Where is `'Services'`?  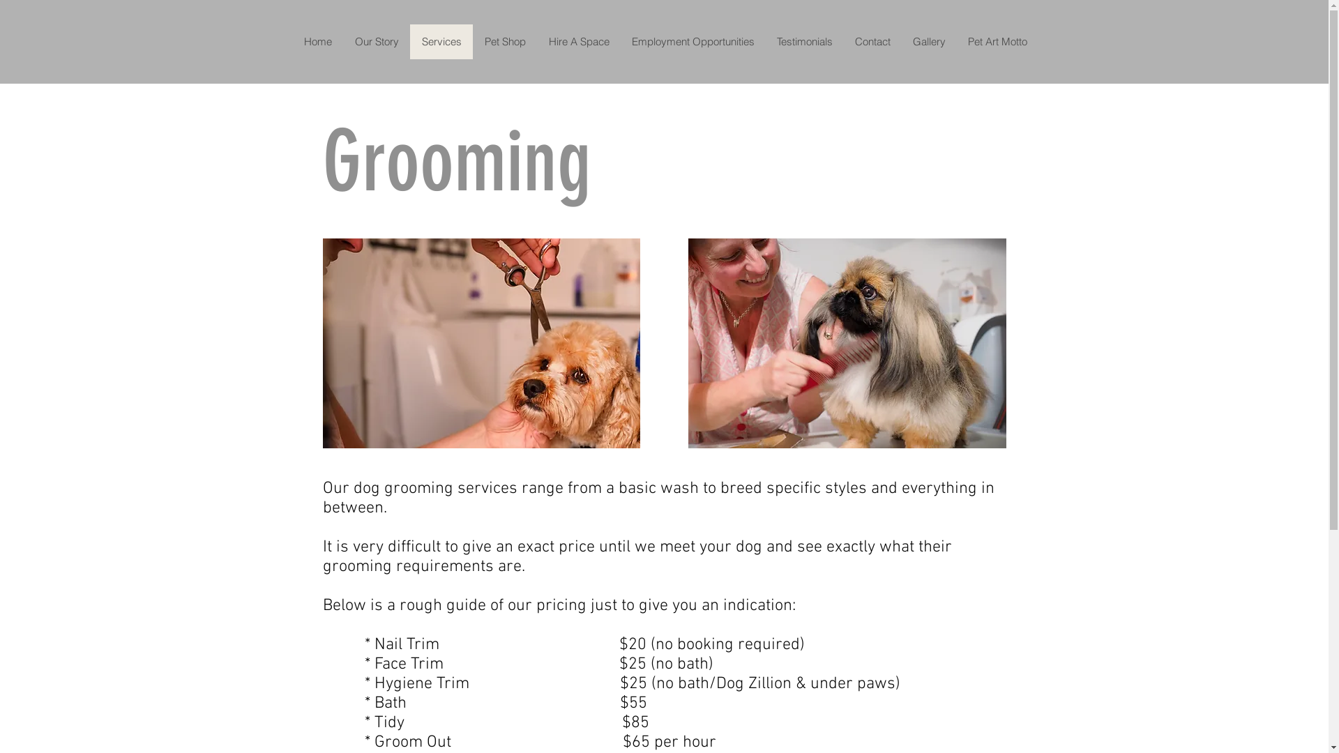 'Services' is located at coordinates (441, 41).